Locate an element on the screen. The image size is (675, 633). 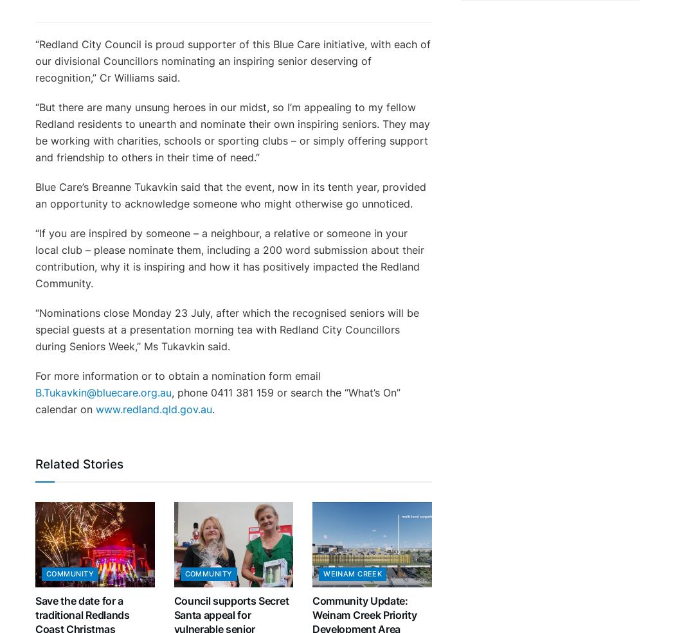
'Blue Care’s Breanne Tukavkin said that the event, now in its tenth year, provided an opportunity to acknowledge someone who might otherwise go unnoticed.' is located at coordinates (230, 194).